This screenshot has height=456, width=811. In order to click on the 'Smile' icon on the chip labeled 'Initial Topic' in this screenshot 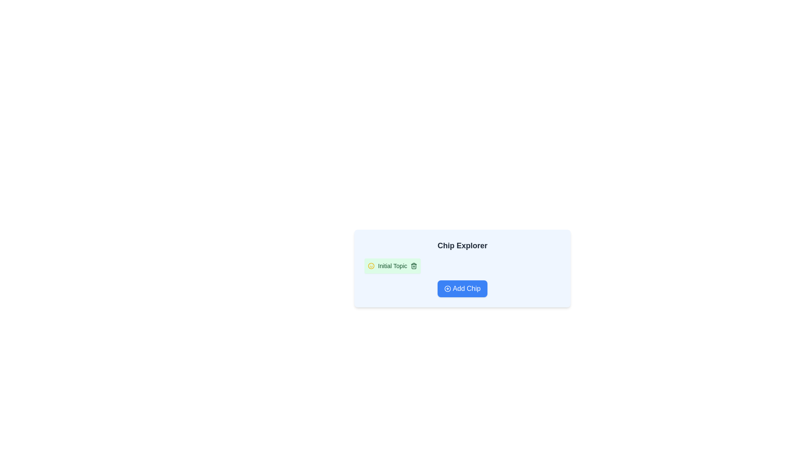, I will do `click(371, 265)`.